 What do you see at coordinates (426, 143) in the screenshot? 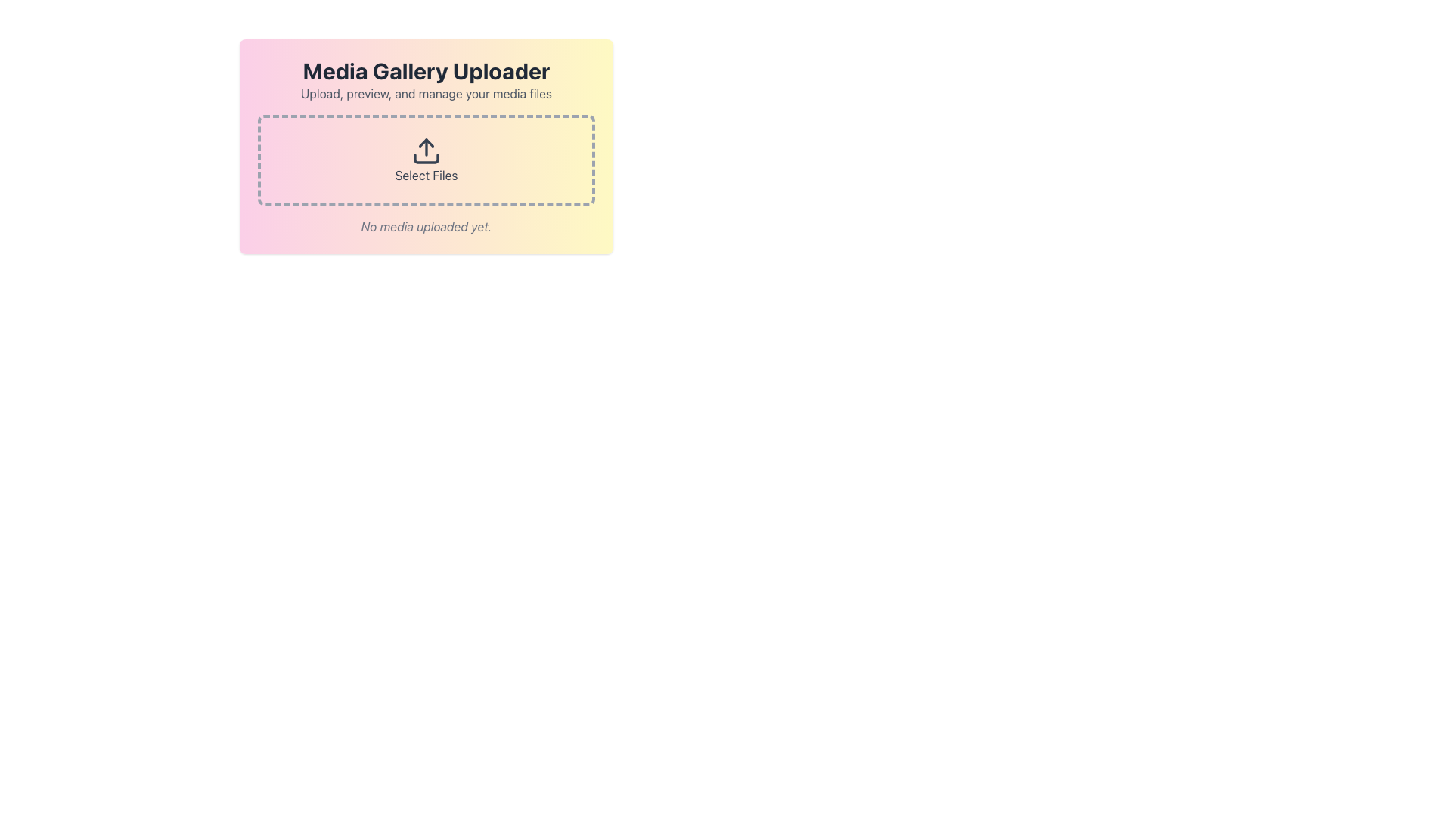
I see `the upload icon's arrowhead graphic, which is part of the SVG representing the upload symbol within the 'Select Files' area` at bounding box center [426, 143].